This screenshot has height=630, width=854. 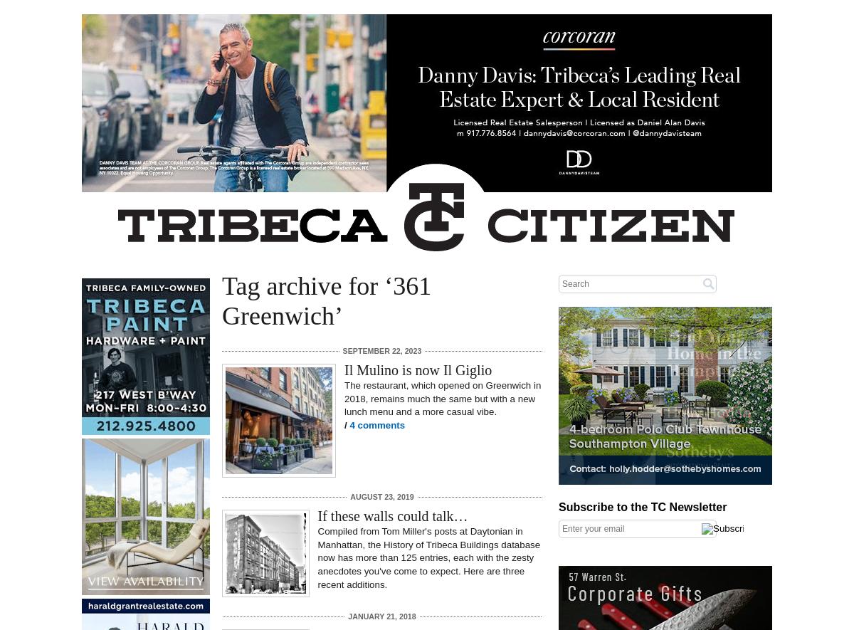 I want to click on 'Tag archive for ‘361 Greenwich’', so click(x=326, y=301).